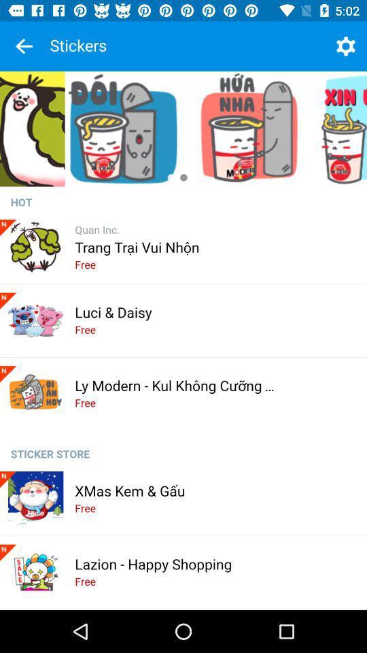  I want to click on previous, so click(24, 46).